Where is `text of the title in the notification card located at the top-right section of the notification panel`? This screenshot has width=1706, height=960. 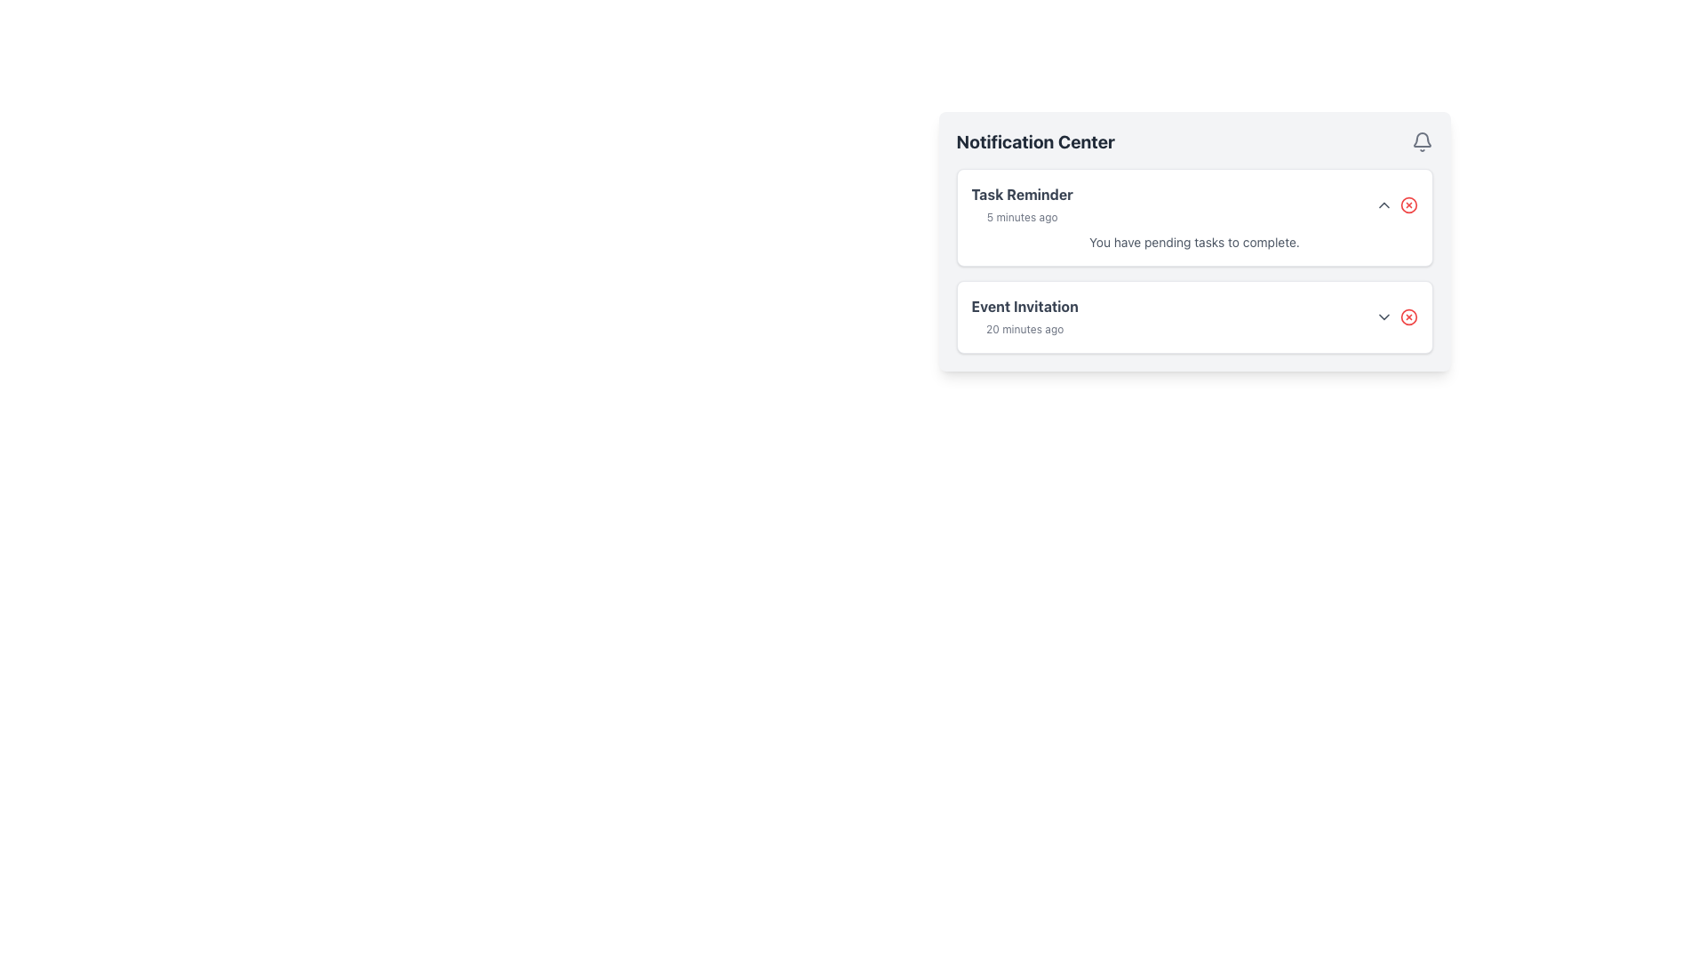 text of the title in the notification card located at the top-right section of the notification panel is located at coordinates (1022, 195).